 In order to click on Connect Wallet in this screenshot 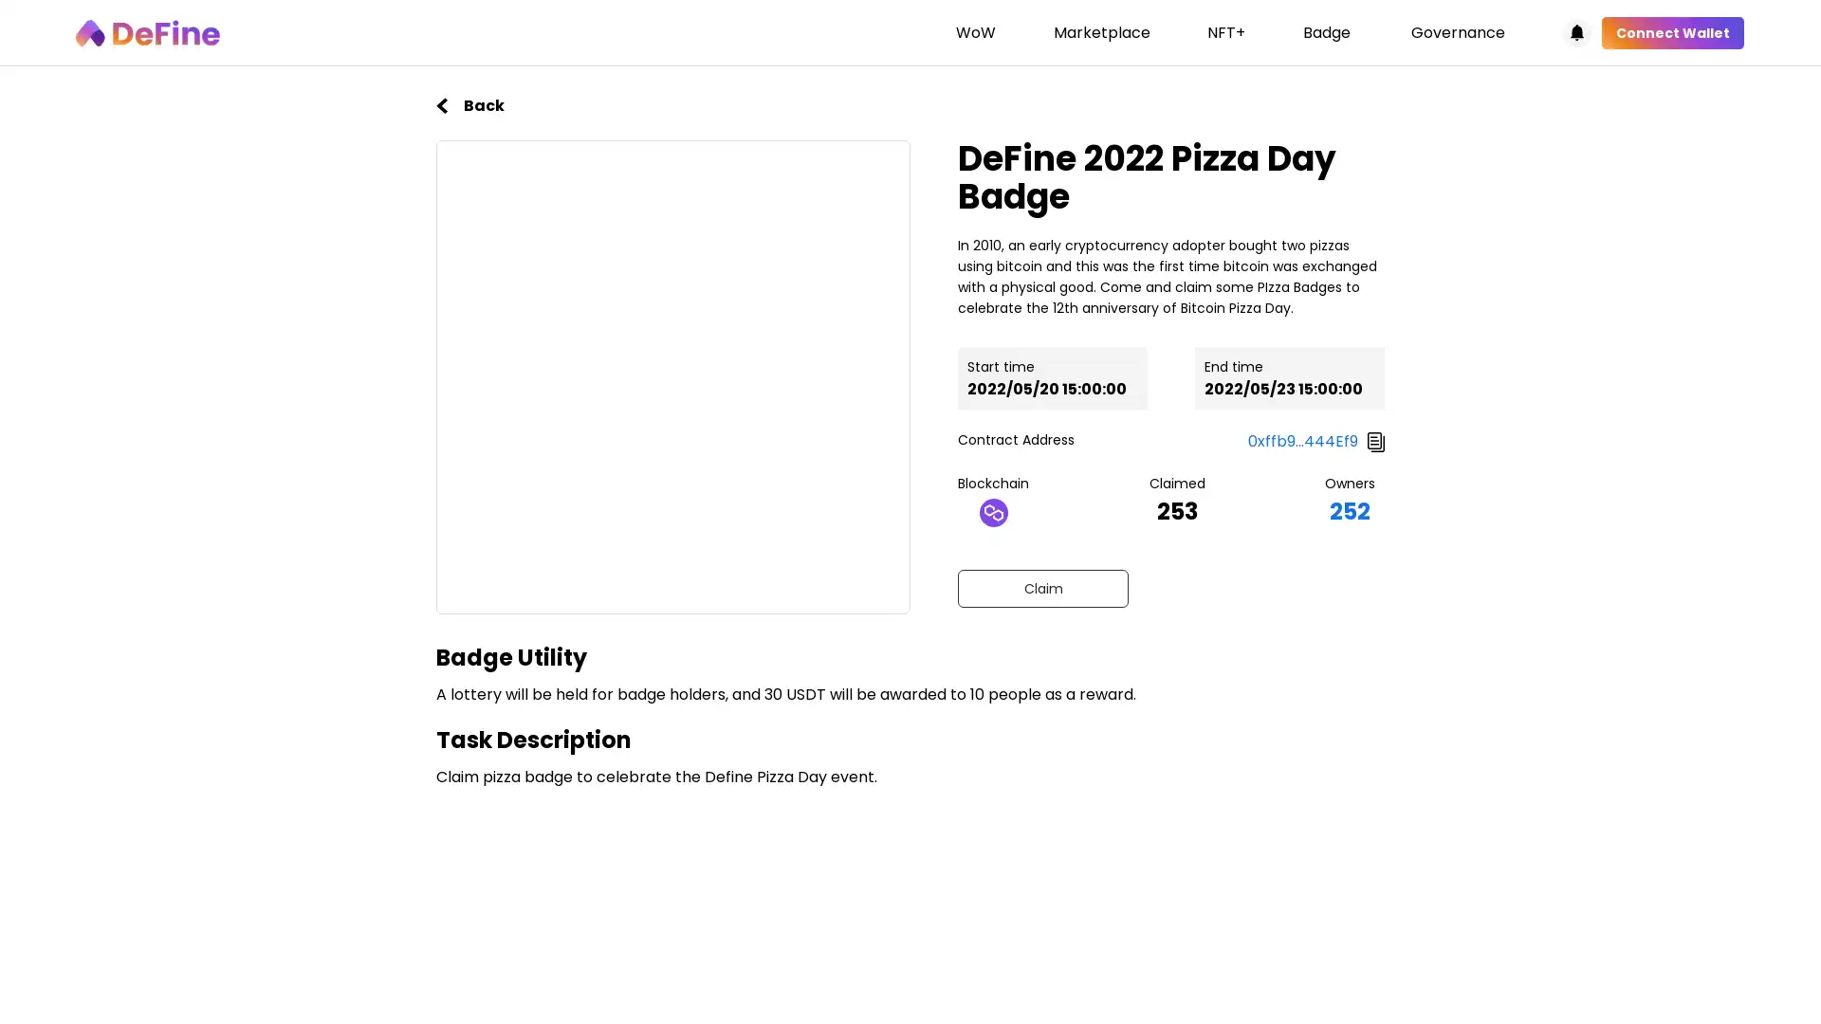, I will do `click(1672, 32)`.